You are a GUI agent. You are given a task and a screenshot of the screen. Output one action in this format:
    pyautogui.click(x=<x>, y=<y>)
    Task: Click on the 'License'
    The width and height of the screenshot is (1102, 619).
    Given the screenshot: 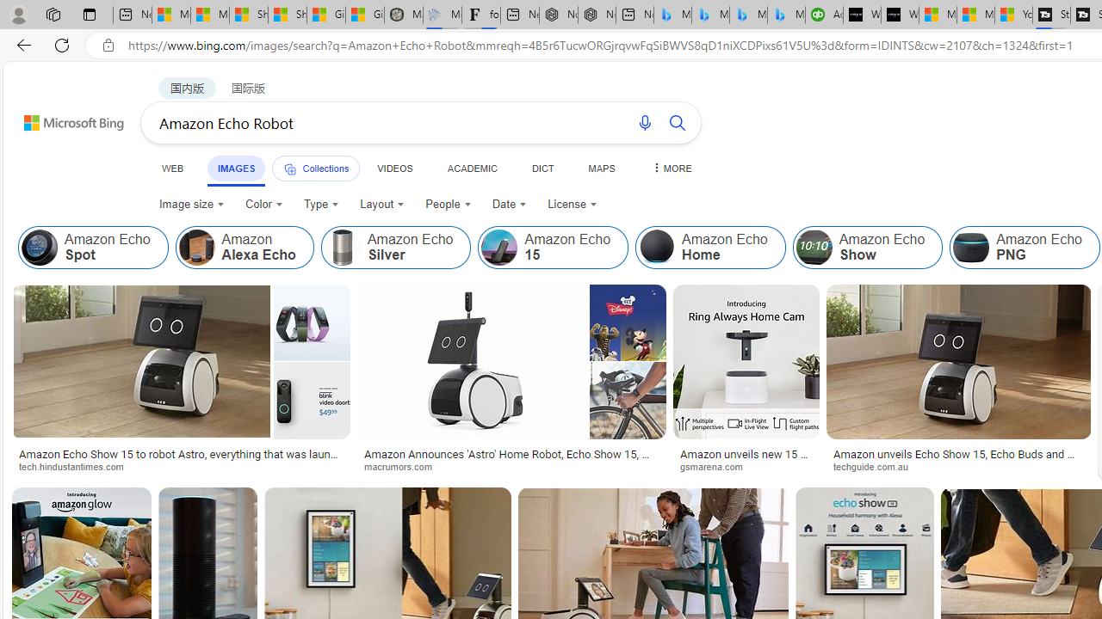 What is the action you would take?
    pyautogui.click(x=572, y=203)
    